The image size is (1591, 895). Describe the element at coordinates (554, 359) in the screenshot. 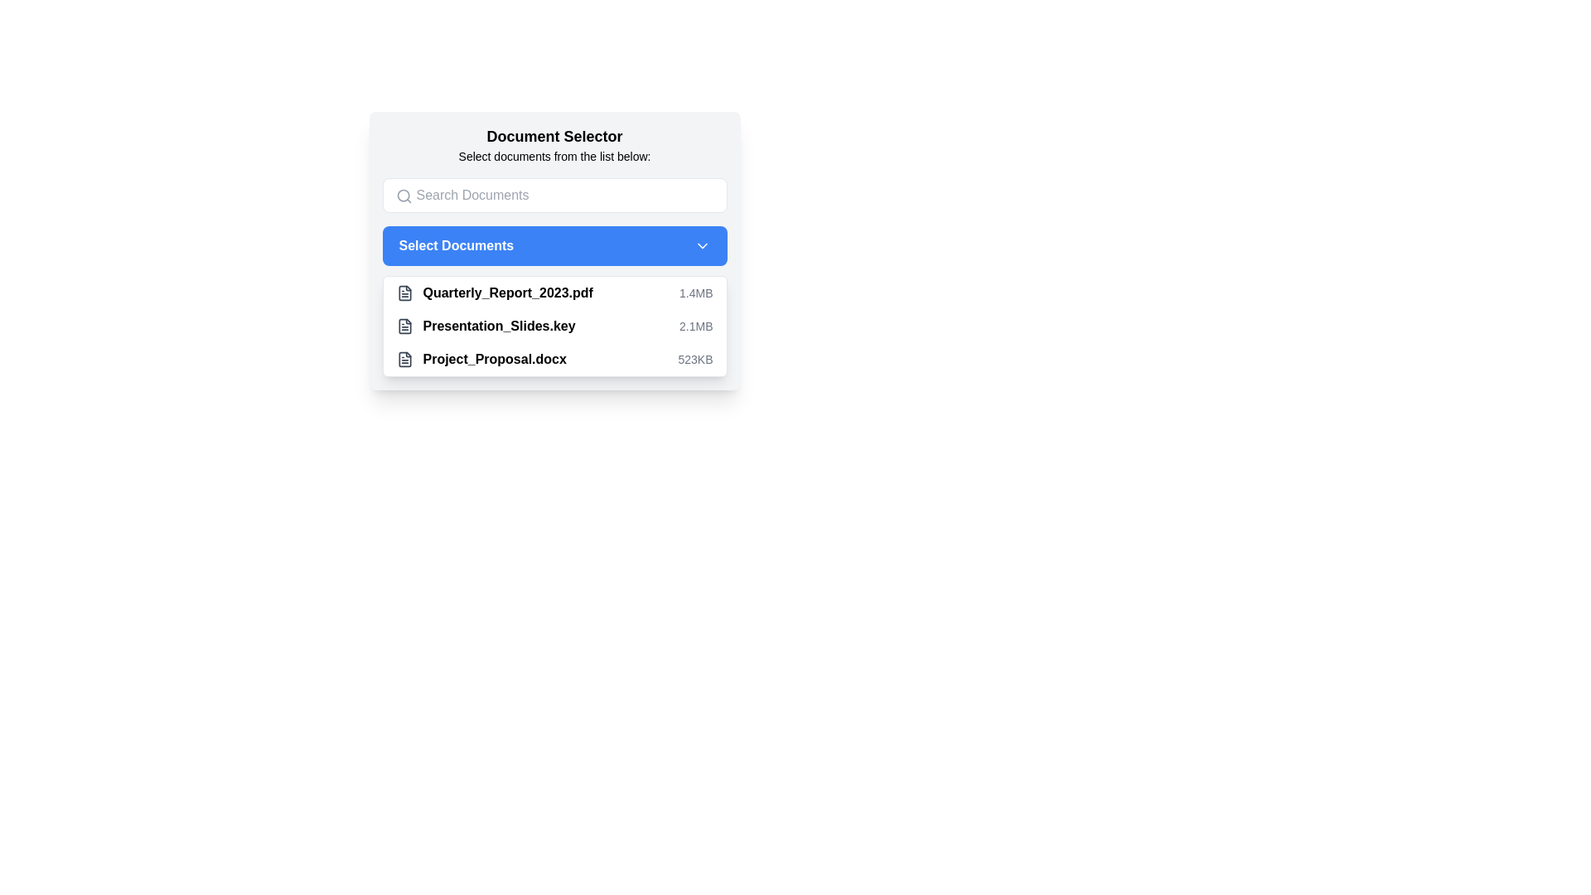

I see `the file item labeled 'Project_Proposal.docx' in the document selection interface` at that location.